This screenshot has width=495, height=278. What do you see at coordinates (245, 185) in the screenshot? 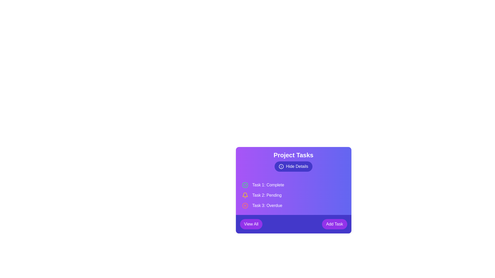
I see `the completion status icon for 'Task 1' located to the left of the text 'Task 1: Complete' in the 'Project Tasks' interface` at bounding box center [245, 185].